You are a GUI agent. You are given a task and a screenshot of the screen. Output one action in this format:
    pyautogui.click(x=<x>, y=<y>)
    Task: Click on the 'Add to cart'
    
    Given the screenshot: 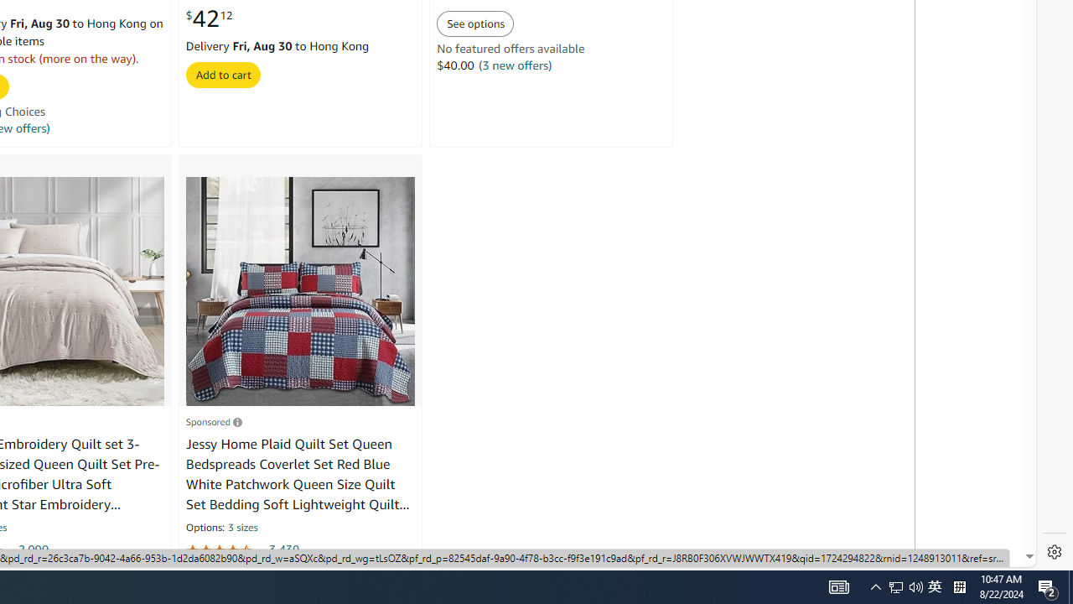 What is the action you would take?
    pyautogui.click(x=221, y=73)
    